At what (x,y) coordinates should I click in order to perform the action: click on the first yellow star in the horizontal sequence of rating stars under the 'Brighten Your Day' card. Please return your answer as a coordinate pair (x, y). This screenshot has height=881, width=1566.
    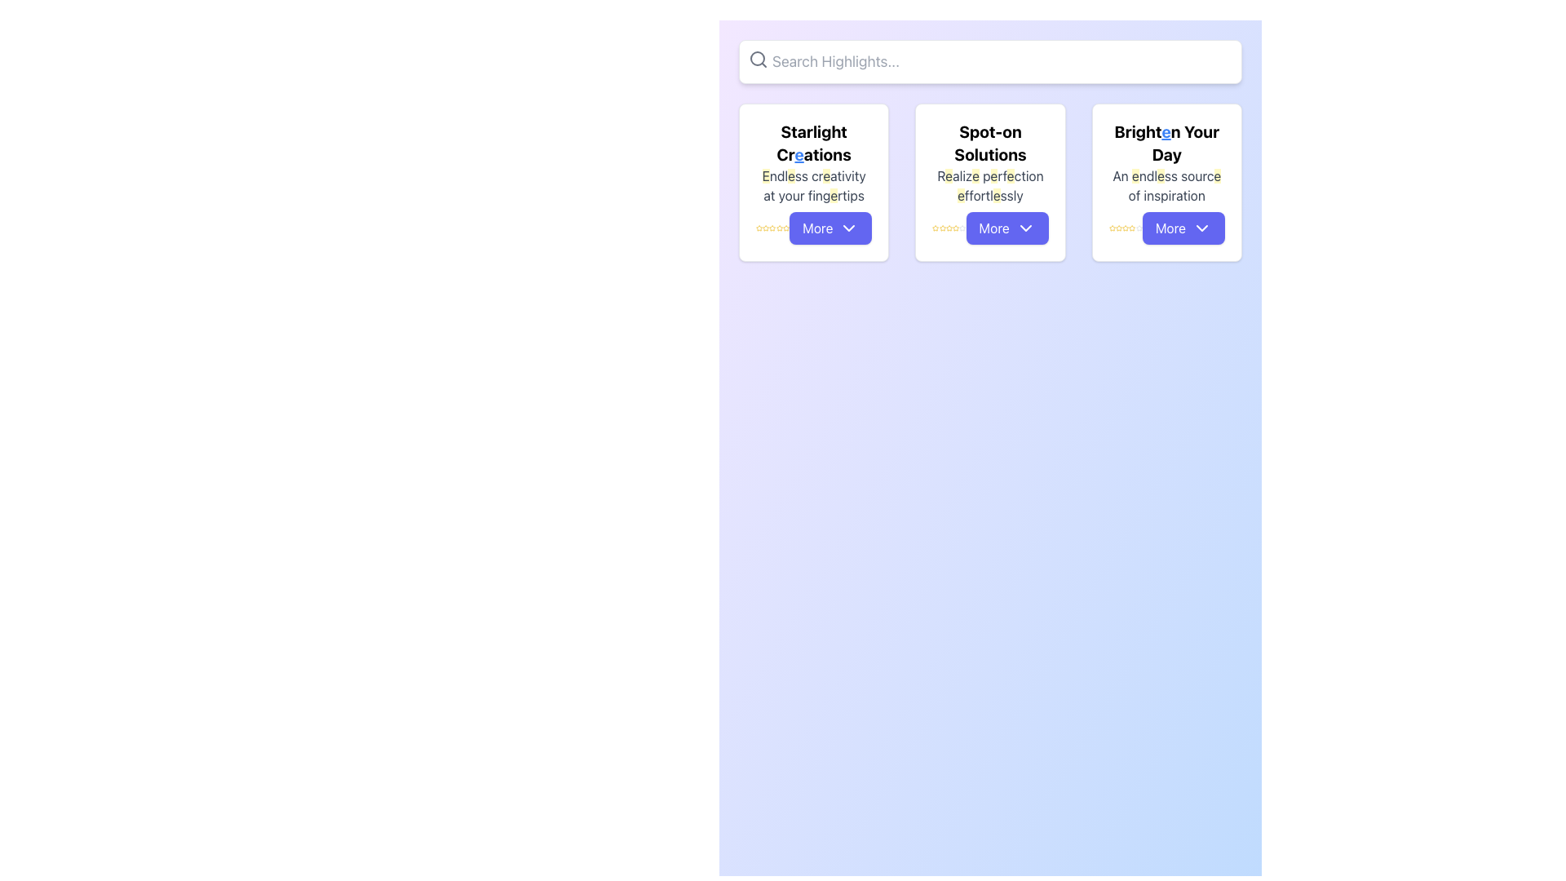
    Looking at the image, I should click on (1111, 228).